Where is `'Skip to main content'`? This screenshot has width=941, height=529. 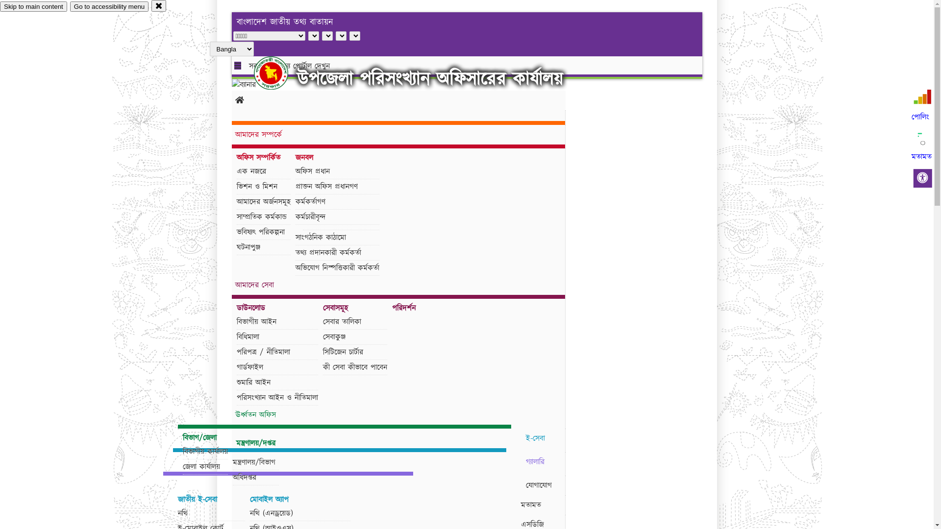
'Skip to main content' is located at coordinates (33, 6).